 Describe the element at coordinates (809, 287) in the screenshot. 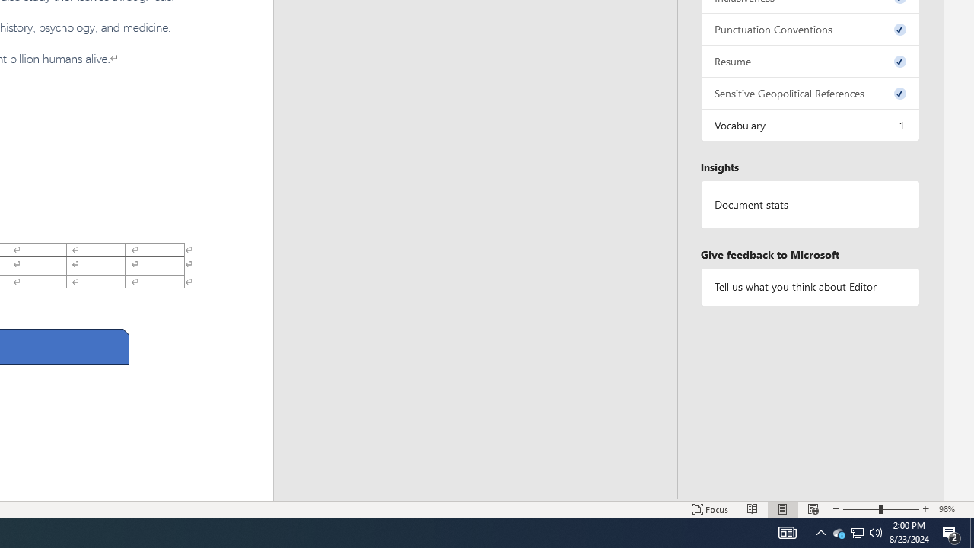

I see `'Tell us what you think about Editor'` at that location.